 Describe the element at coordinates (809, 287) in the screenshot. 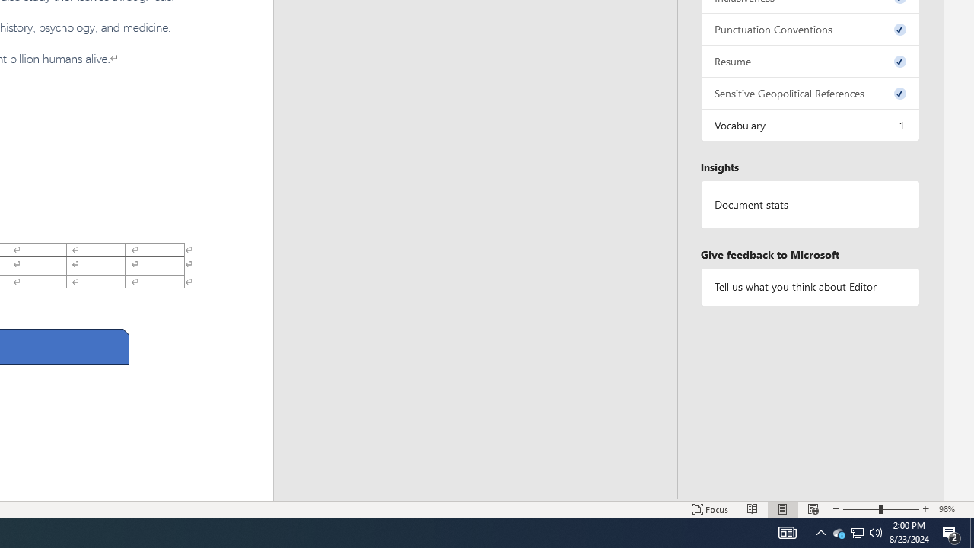

I see `'Tell us what you think about Editor'` at that location.